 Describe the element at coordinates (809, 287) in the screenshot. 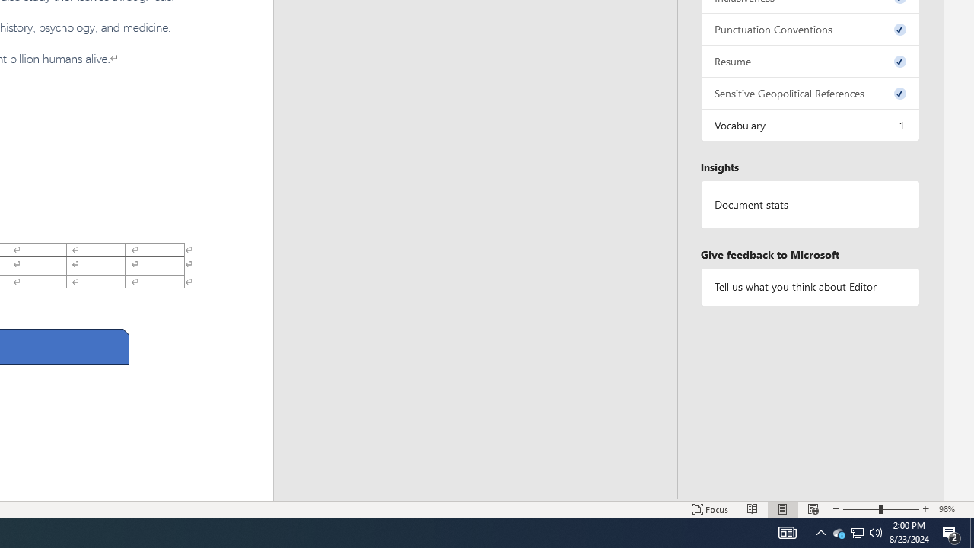

I see `'Tell us what you think about Editor'` at that location.